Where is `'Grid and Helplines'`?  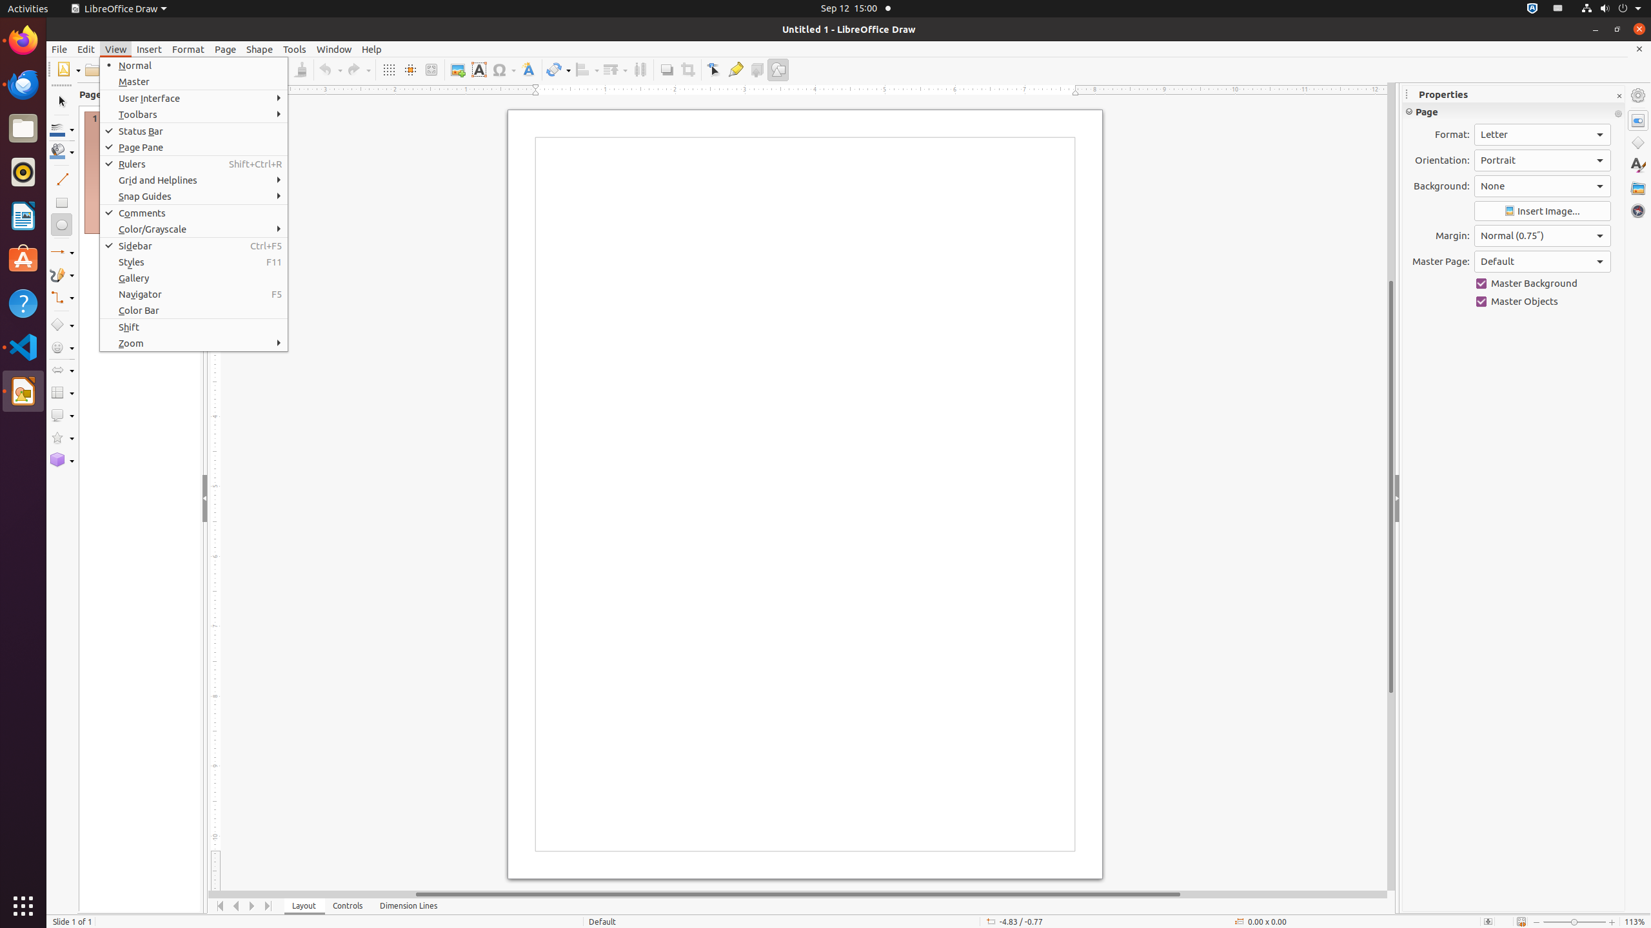 'Grid and Helplines' is located at coordinates (193, 180).